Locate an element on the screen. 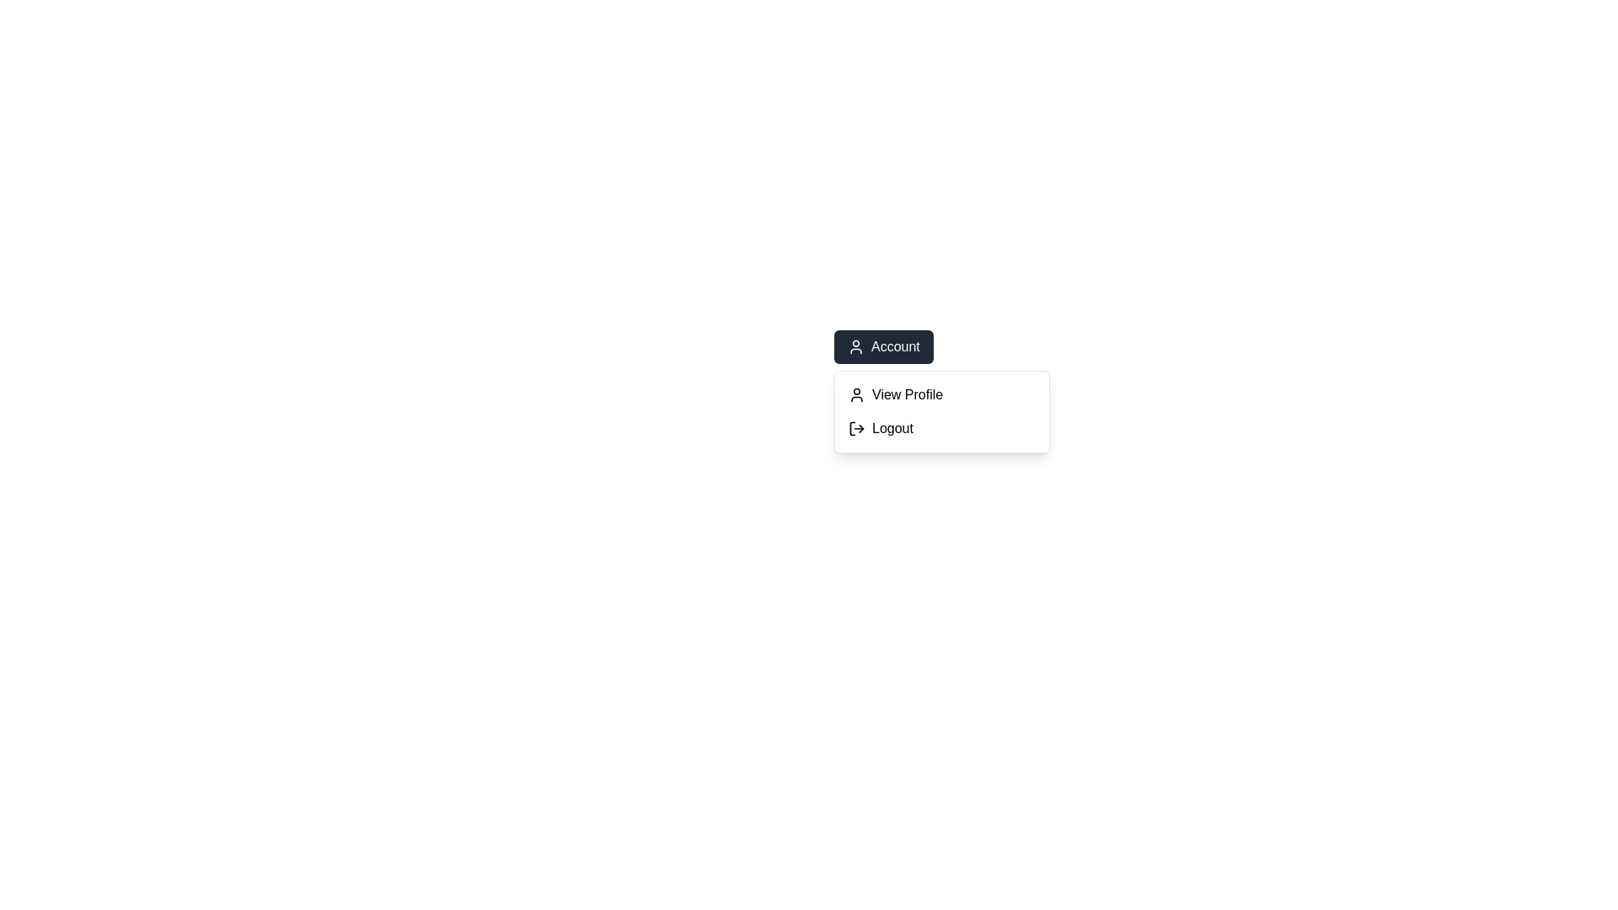 The image size is (1618, 910). the profile button located below the 'Account' button in the drop-down menu to visually highlight it is located at coordinates (941, 395).